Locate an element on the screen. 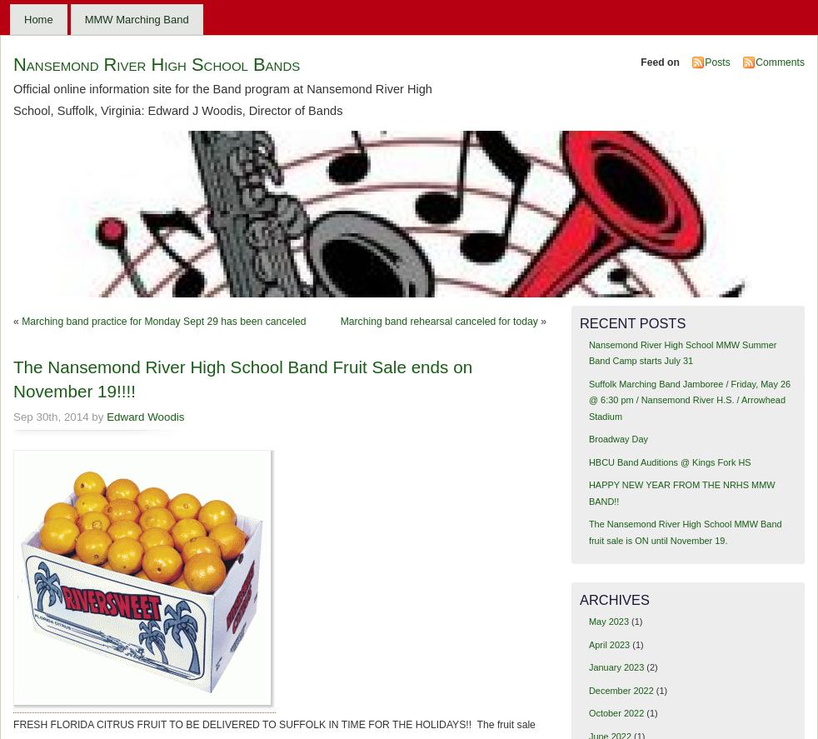  'Comments' is located at coordinates (780, 60).